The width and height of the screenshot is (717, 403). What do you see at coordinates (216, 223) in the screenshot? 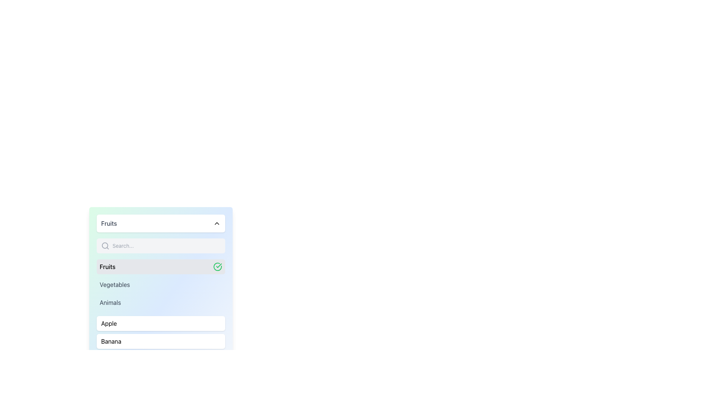
I see `the icon located at the top-right corner of the 'Fruits' section header` at bounding box center [216, 223].